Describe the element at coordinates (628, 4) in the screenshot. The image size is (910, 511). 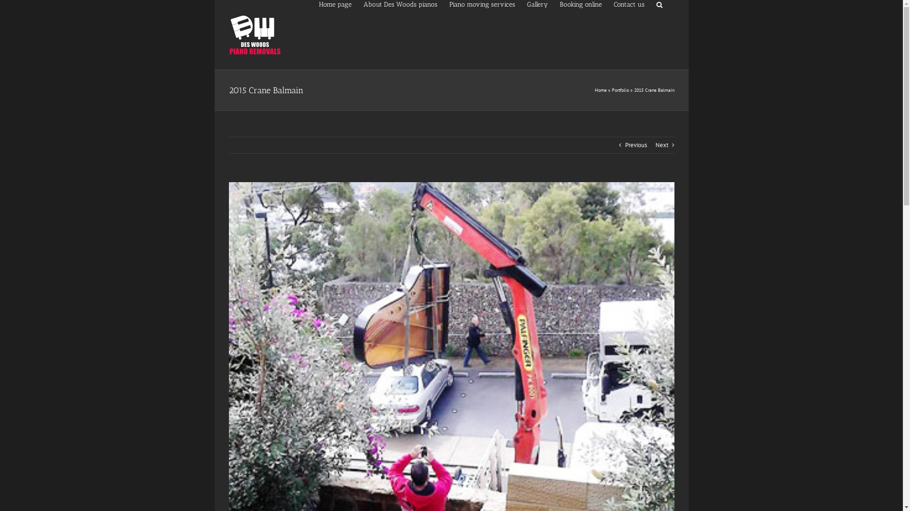
I see `'Contact us'` at that location.